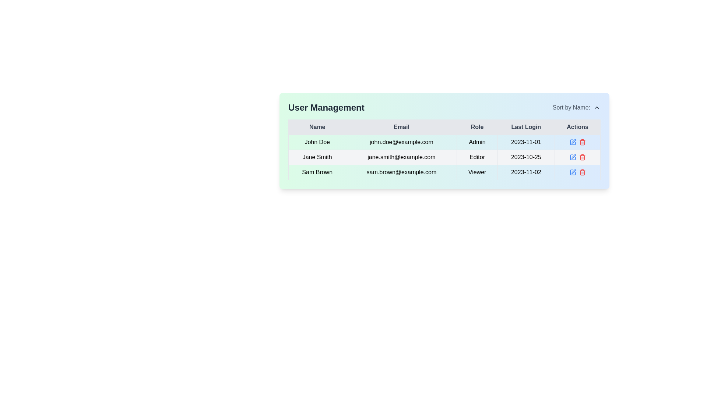  I want to click on the pen icon located in the 'Actions' column of the second row in the user management table, so click(573, 141).